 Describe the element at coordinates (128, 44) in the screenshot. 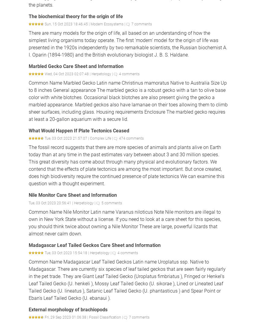

I see `'There are many models for the origin of life, all based on an understanding of how the simplest living organisms today operate. The first 'modern' model for the origin of life was presented in the 1920s independently by two remarkable scientists, the Russian biochemist A. I. Oparin (1894-1980) and the British evolutionary biologist J. B. S. Haldane.'` at that location.